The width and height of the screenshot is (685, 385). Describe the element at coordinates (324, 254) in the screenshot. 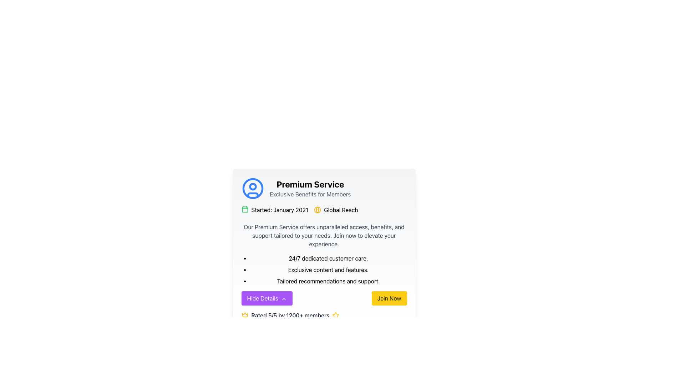

I see `text block that features a two-part description, including an introduction to the premium service and a bulleted list, positioned between the labels 'Started: January 2021' and 'Global Reach', and above the buttons 'Hide Details' and 'Join Now'` at that location.